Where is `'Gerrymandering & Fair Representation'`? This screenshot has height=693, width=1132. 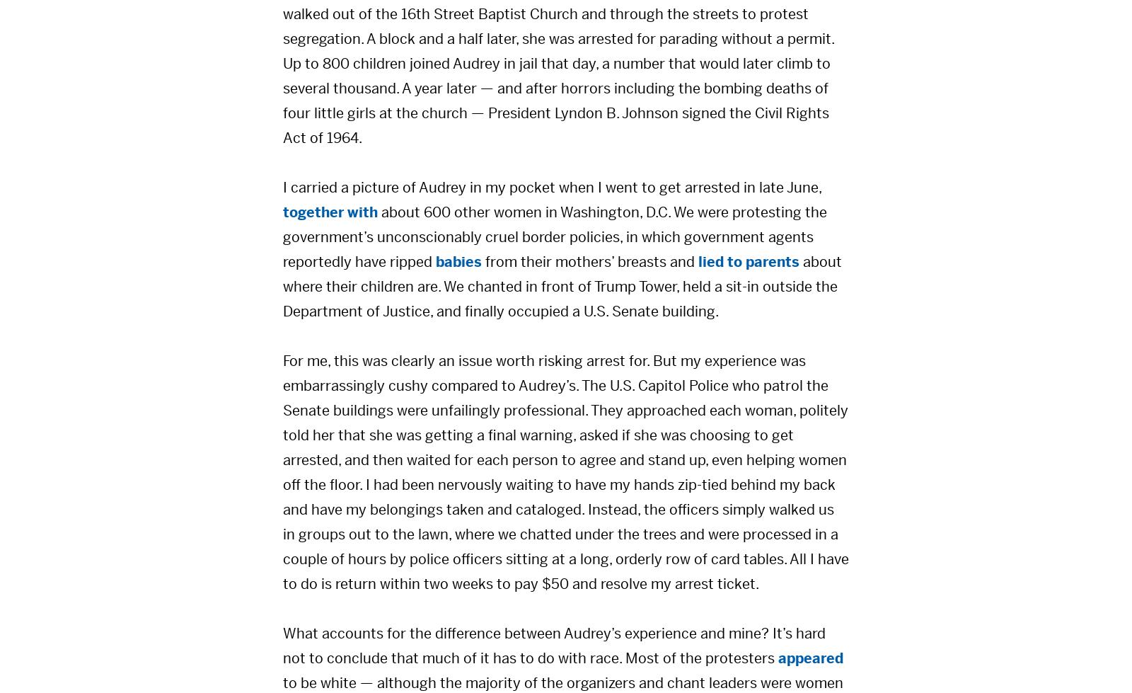
'Gerrymandering & Fair Representation' is located at coordinates (189, 425).